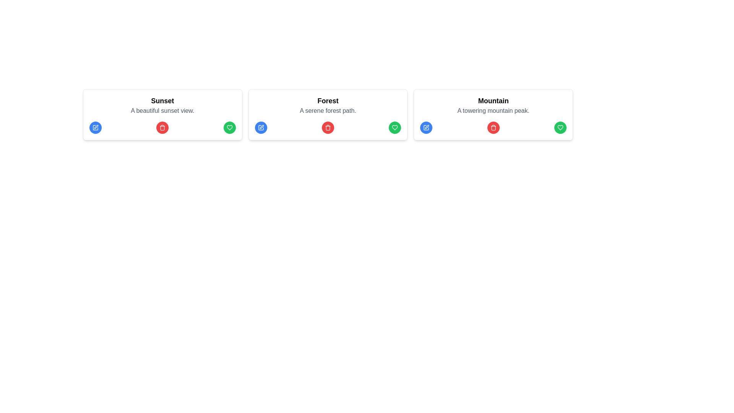  Describe the element at coordinates (426, 127) in the screenshot. I see `the leftmost graphic element in the blue circular button next to the title 'Mountain' on the third card, which signifies edit or modify functionality` at that location.